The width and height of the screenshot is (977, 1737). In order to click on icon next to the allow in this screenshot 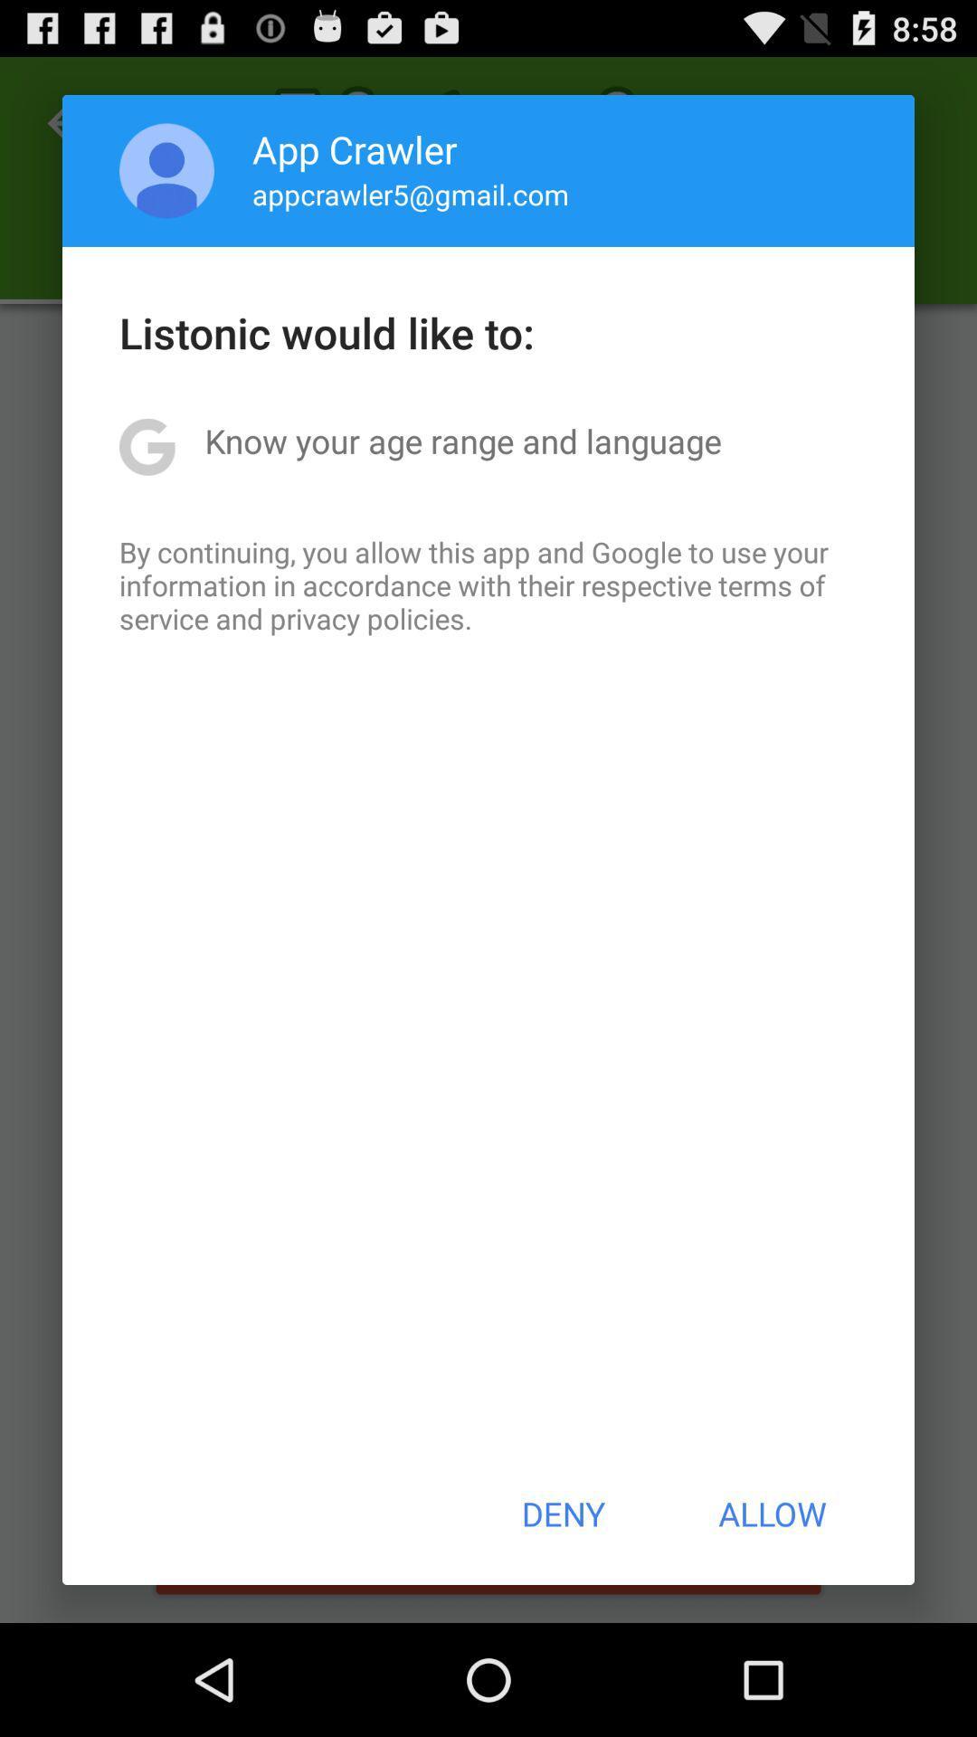, I will do `click(562, 1514)`.